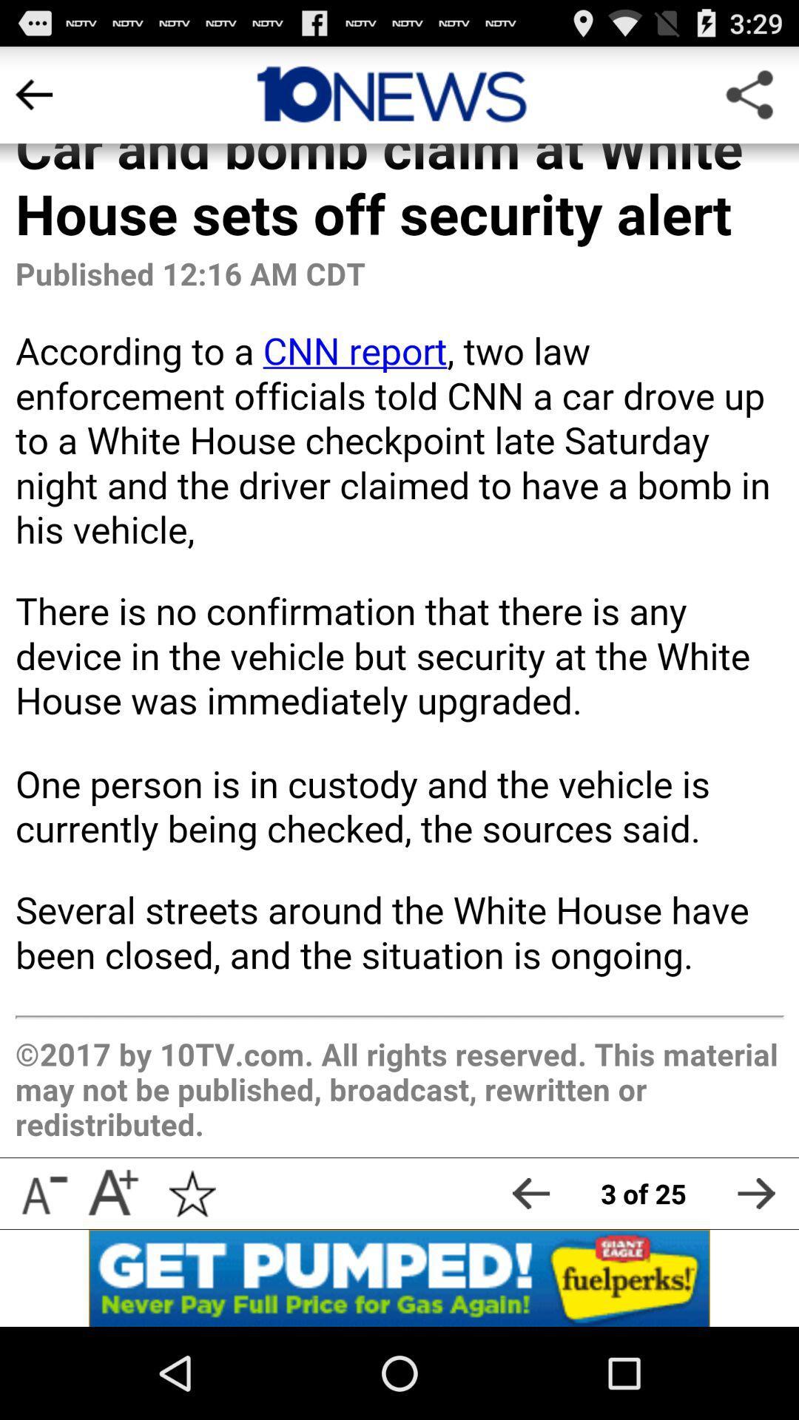  Describe the element at coordinates (192, 1193) in the screenshot. I see `click star icon` at that location.